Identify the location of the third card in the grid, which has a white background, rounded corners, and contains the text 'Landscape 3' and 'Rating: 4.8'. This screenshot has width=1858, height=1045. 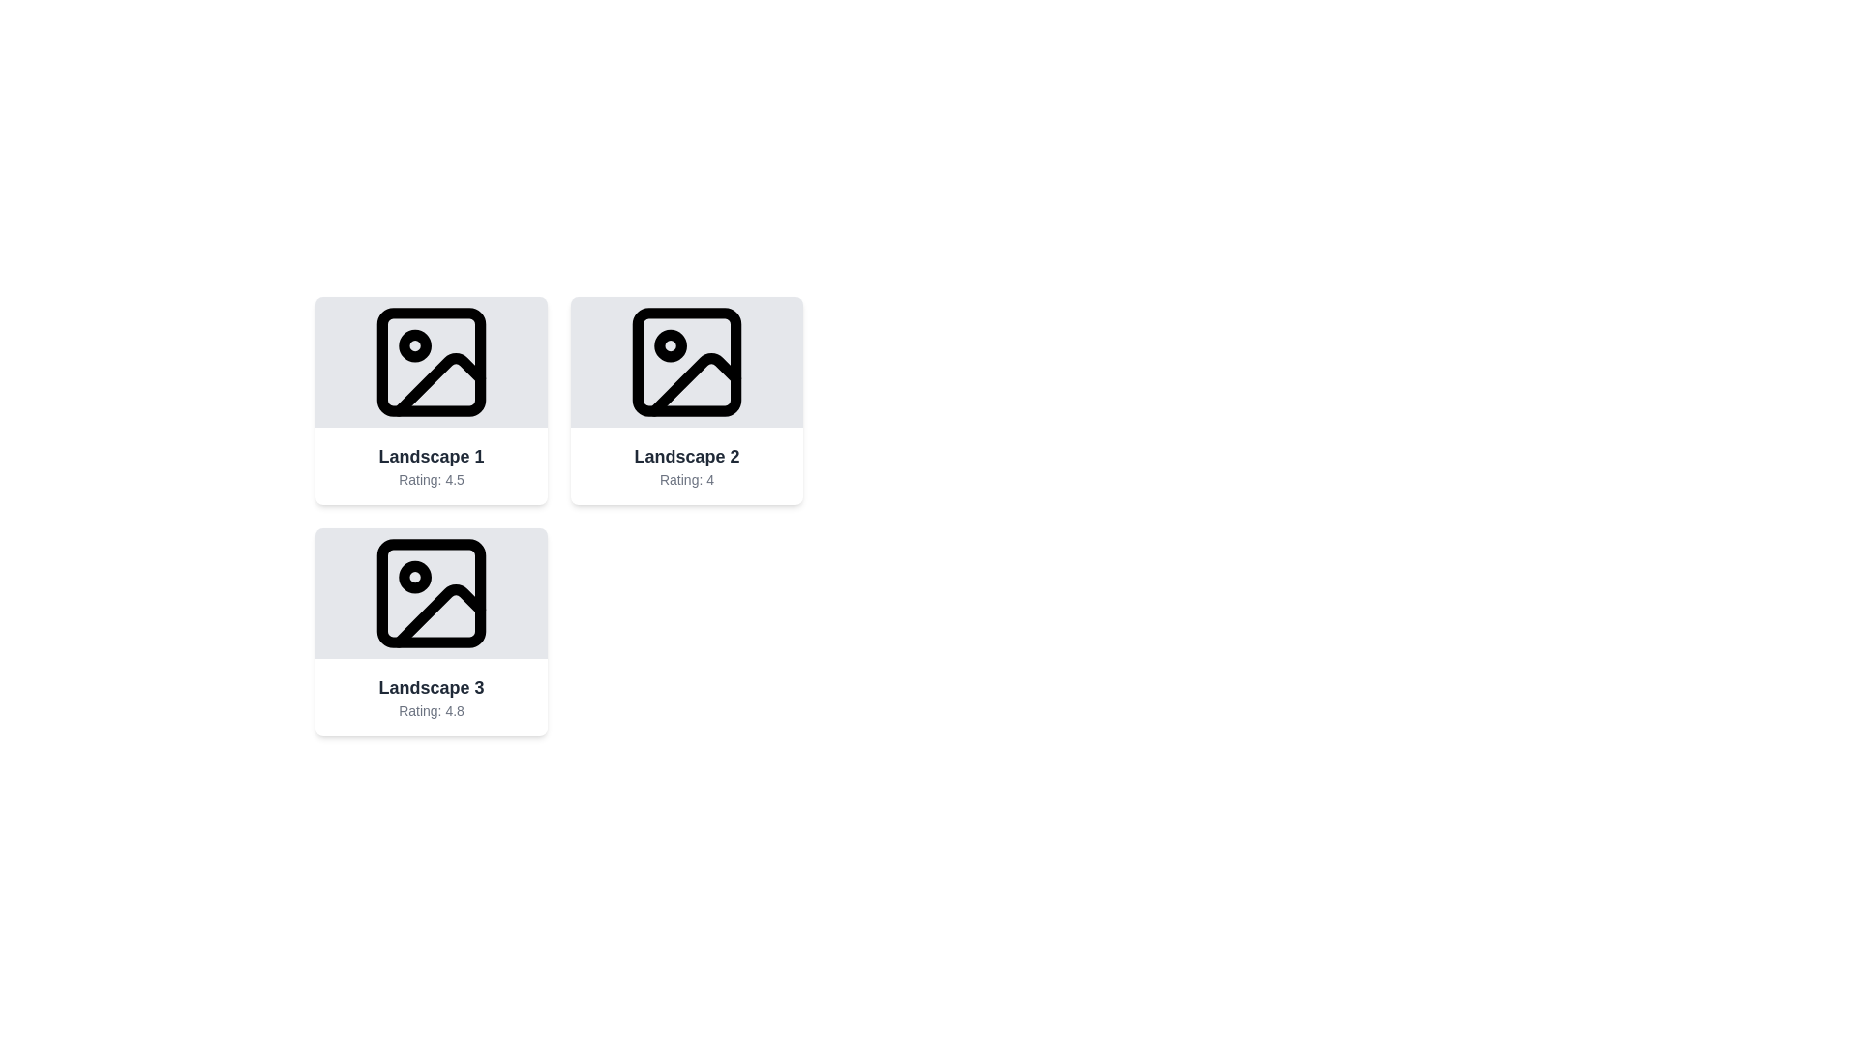
(431, 631).